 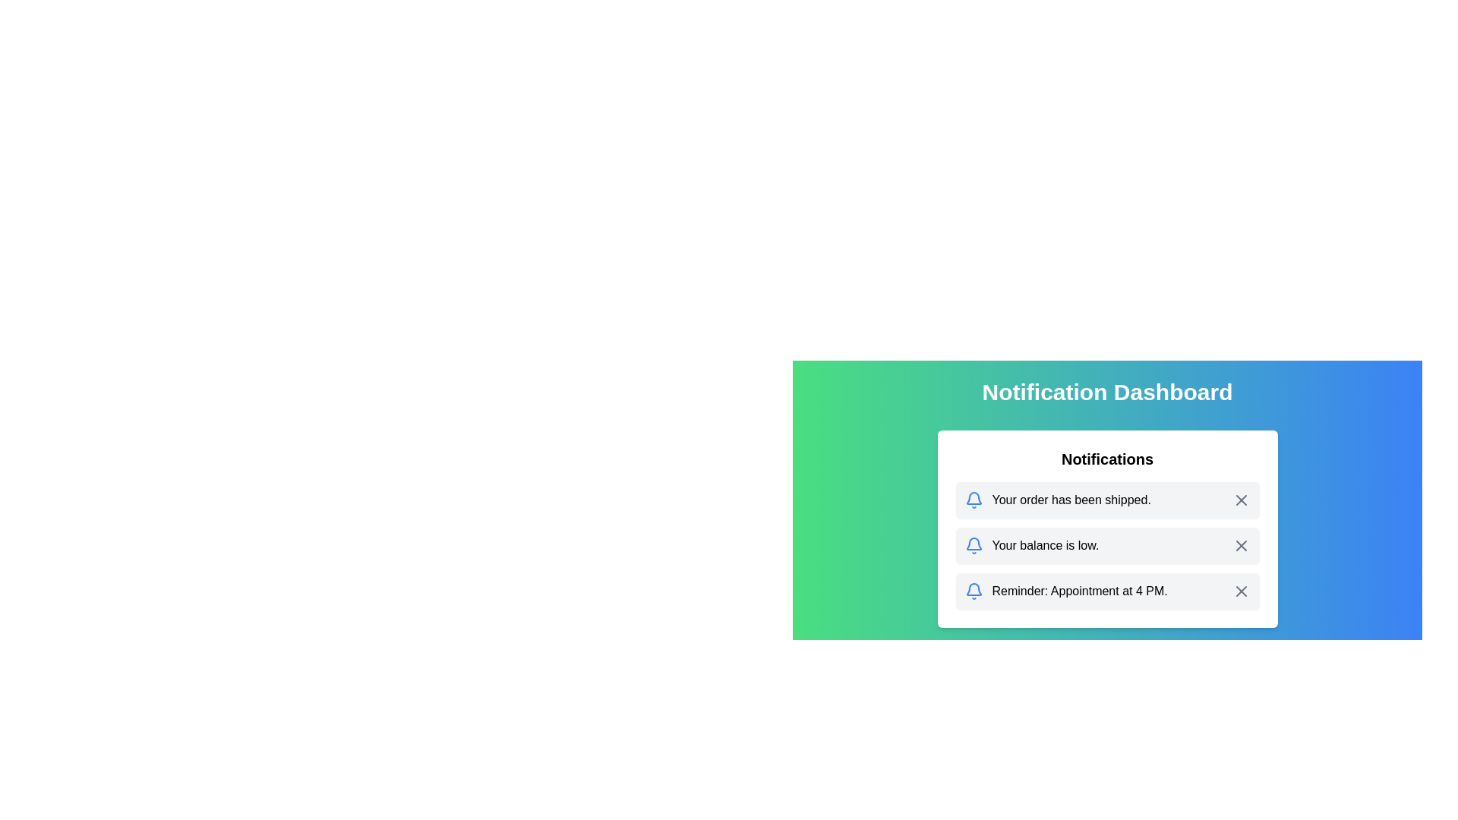 I want to click on the text label displaying 'Your order has been shipped.' which is part of a notification message aligned to the right of a blue bell icon, so click(x=1071, y=500).